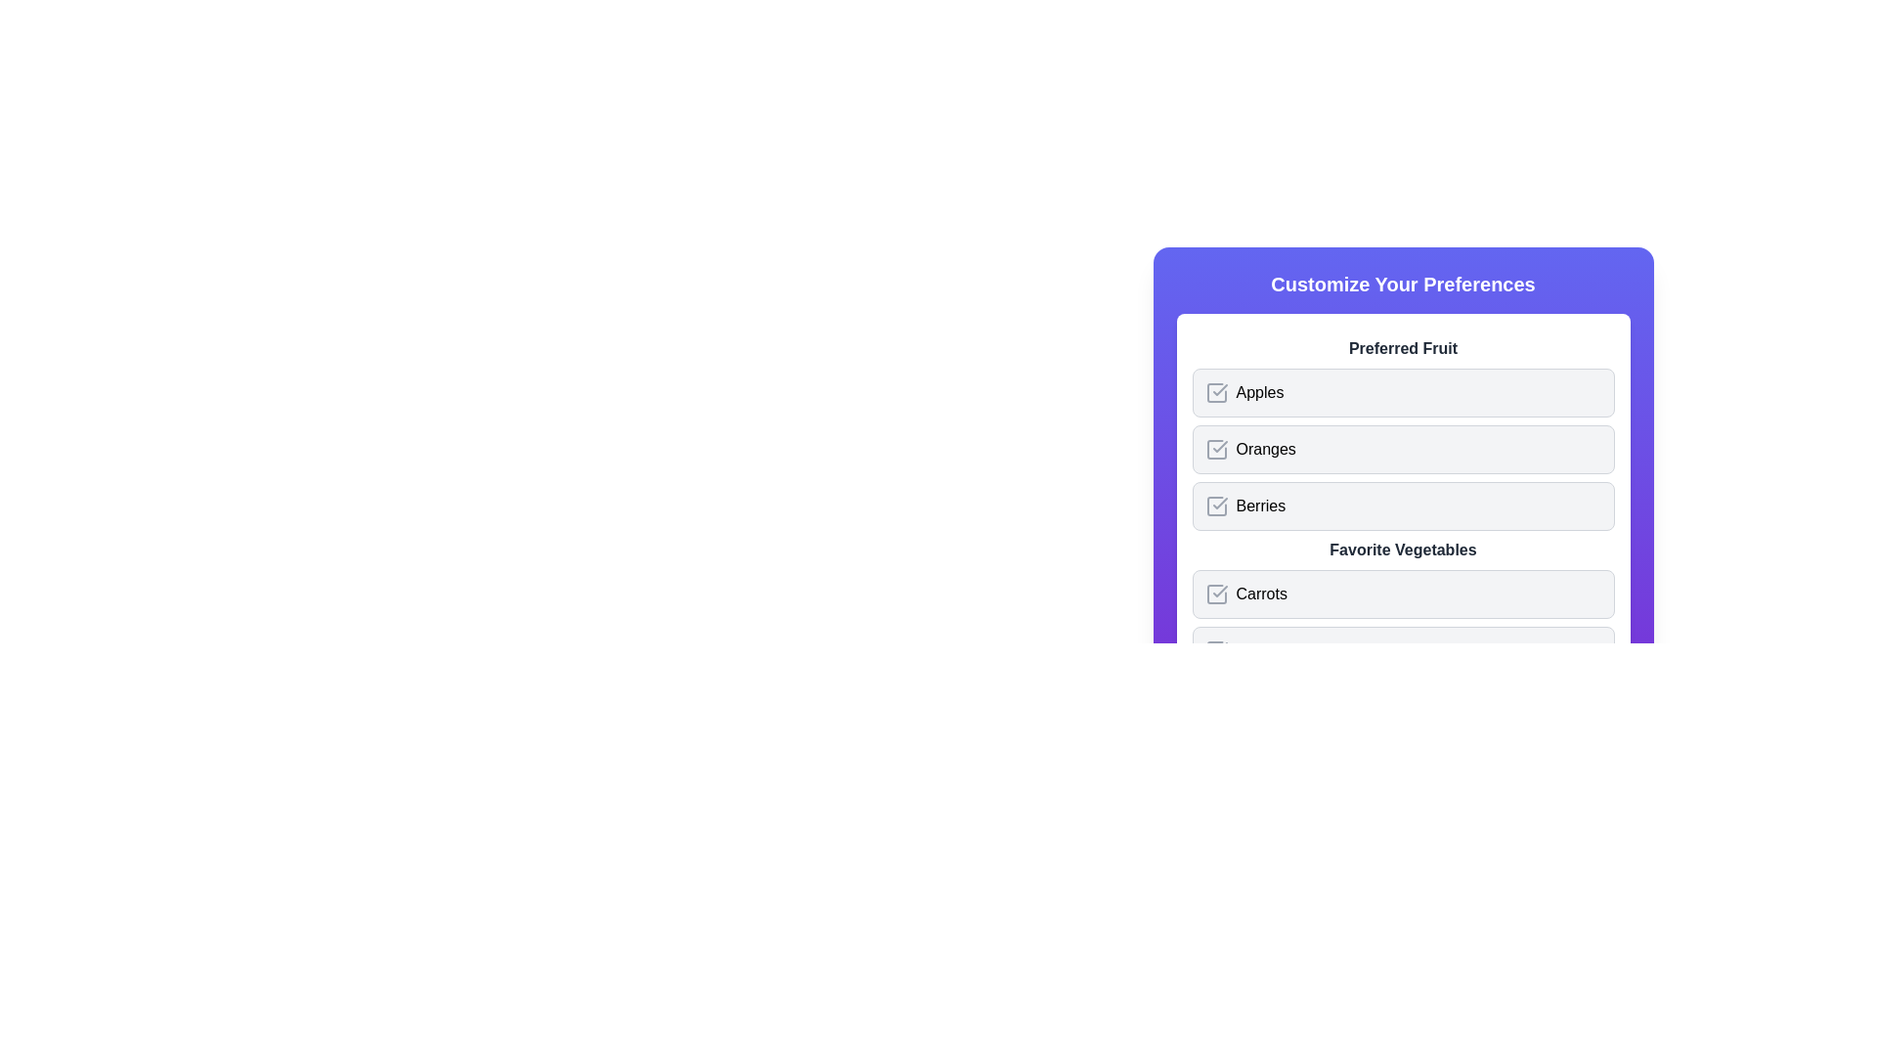  What do you see at coordinates (1266, 449) in the screenshot?
I see `the text label displaying 'Oranges', which is centrally aligned and located to the right of a checkbox in the preferred fruits list` at bounding box center [1266, 449].